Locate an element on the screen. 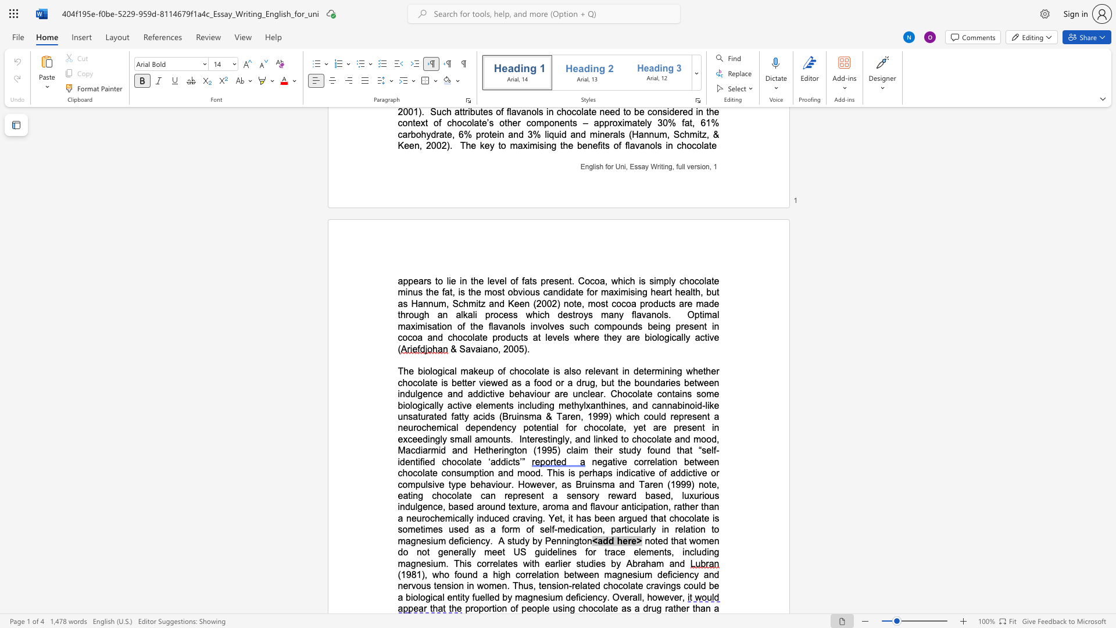 The image size is (1116, 628). the subset text "rhap" within the text "perhaps indicative" is located at coordinates (589, 473).